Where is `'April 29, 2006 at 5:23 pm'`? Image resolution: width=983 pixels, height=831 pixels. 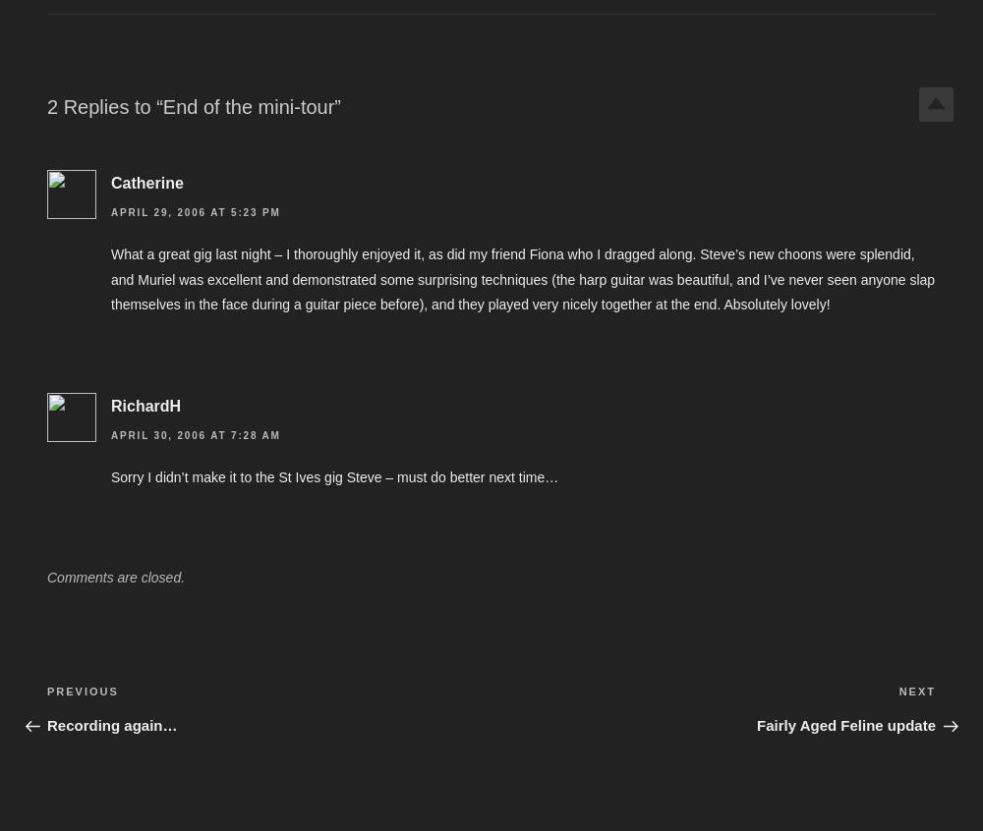
'April 29, 2006 at 5:23 pm' is located at coordinates (195, 212).